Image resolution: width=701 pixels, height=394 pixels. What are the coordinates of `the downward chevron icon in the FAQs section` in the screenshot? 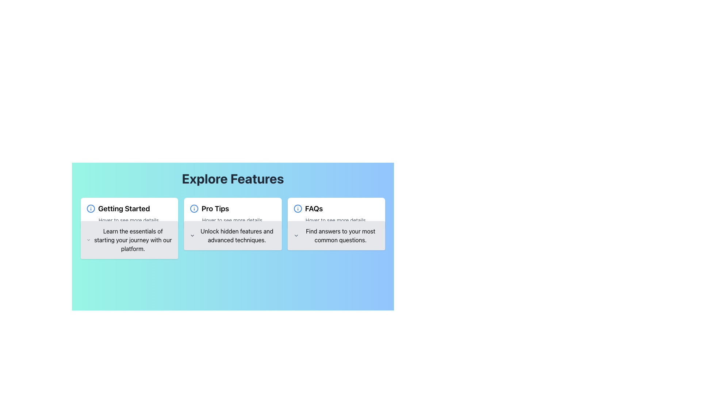 It's located at (336, 235).